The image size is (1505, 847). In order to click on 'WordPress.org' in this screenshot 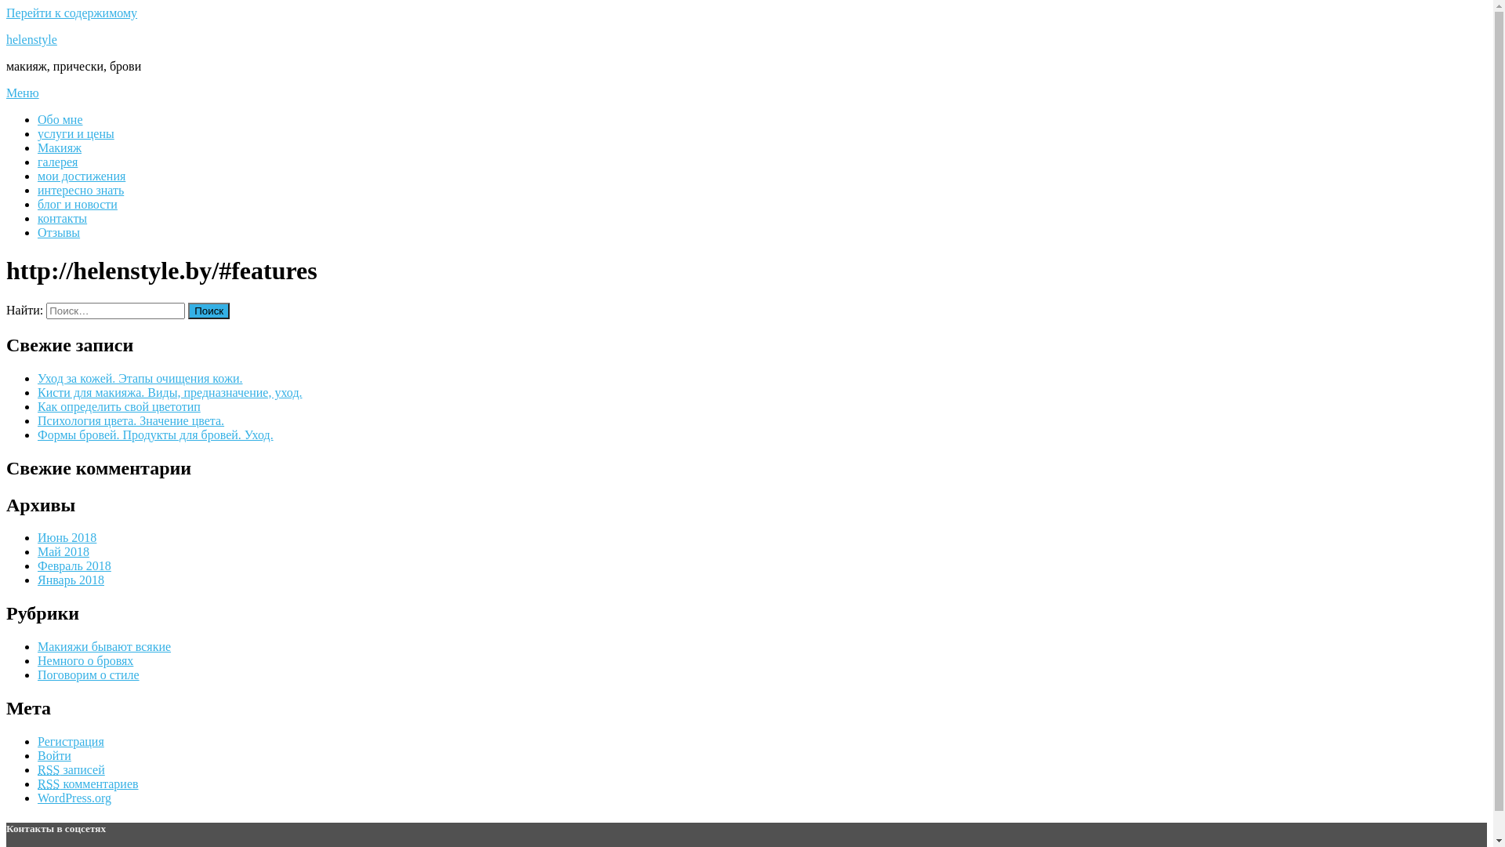, I will do `click(74, 798)`.